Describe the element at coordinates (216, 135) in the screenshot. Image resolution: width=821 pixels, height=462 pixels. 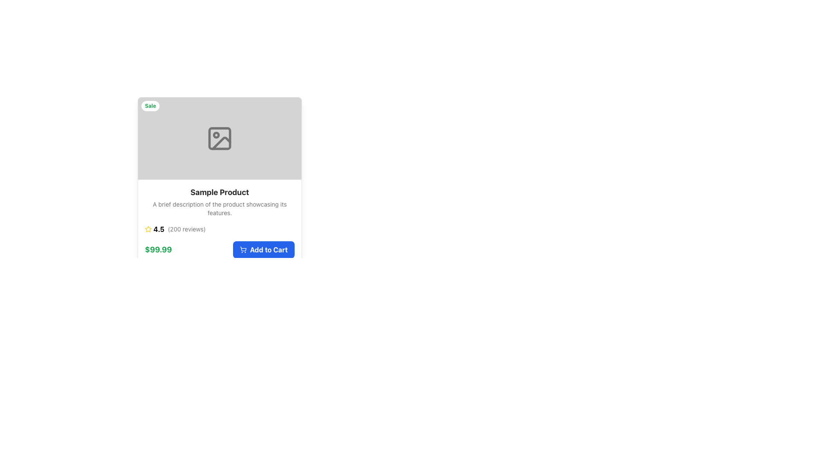
I see `the central circular dot within the outlined rectangular image placeholder icon, located at the top center of the card interface above the product title and description` at that location.